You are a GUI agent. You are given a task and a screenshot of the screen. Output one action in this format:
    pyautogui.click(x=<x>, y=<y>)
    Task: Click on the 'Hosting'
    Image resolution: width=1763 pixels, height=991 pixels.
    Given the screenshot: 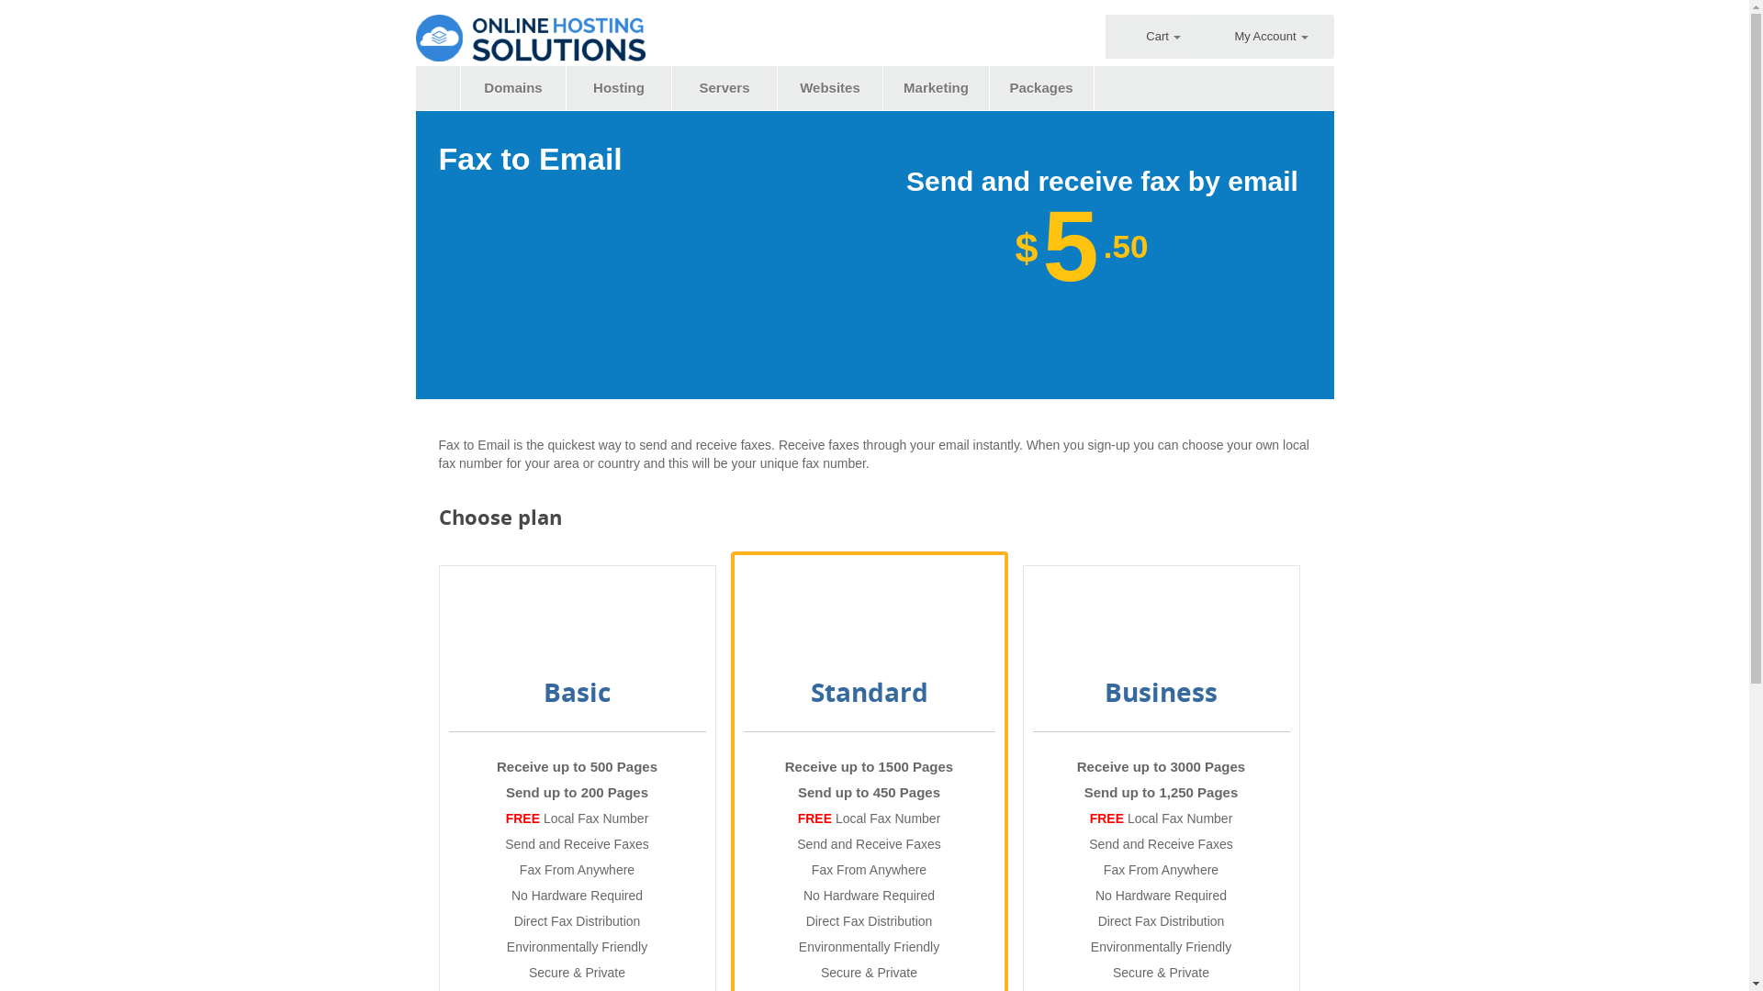 What is the action you would take?
    pyautogui.click(x=620, y=88)
    